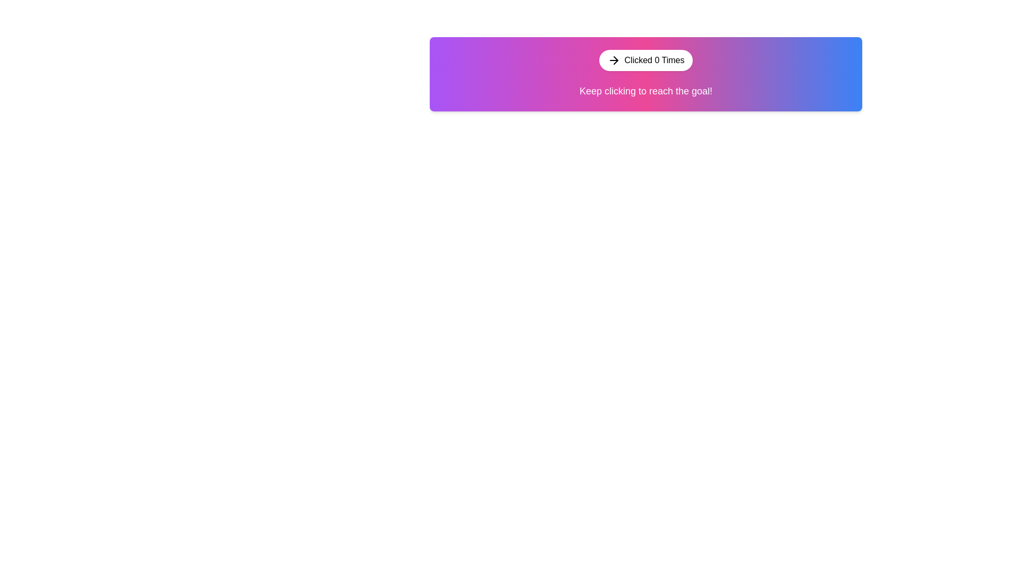  I want to click on the text label displaying the message 'Keep clicking to reach the goal!' which is styled in white color and located below the button labeled 'Clicked 0 Times', so click(645, 91).